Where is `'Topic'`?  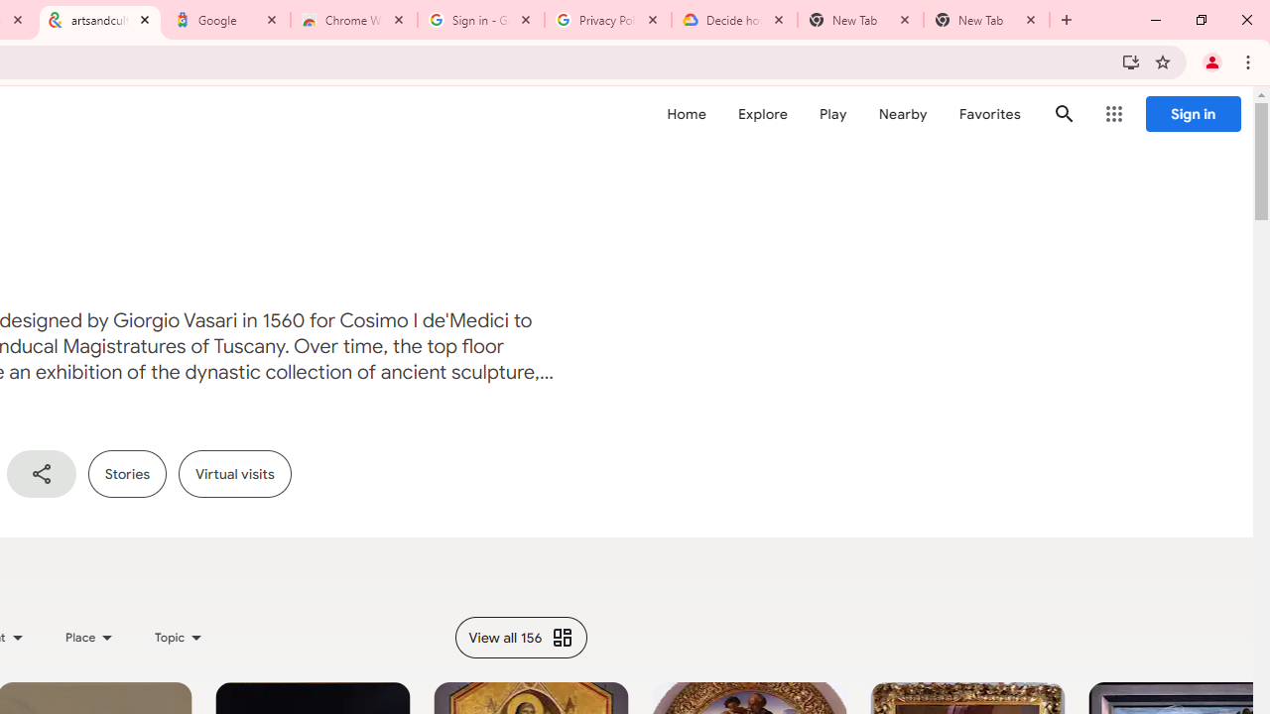
'Topic' is located at coordinates (180, 637).